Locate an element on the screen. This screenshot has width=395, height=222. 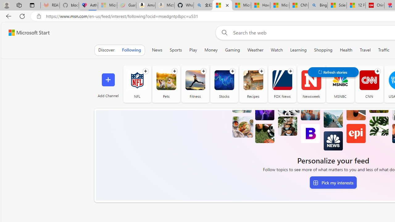
'Money' is located at coordinates (211, 50).